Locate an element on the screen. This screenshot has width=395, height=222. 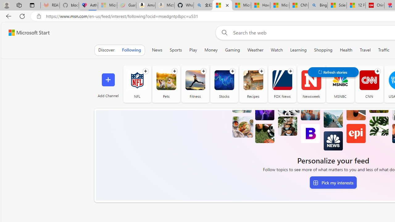
'Money' is located at coordinates (211, 50).